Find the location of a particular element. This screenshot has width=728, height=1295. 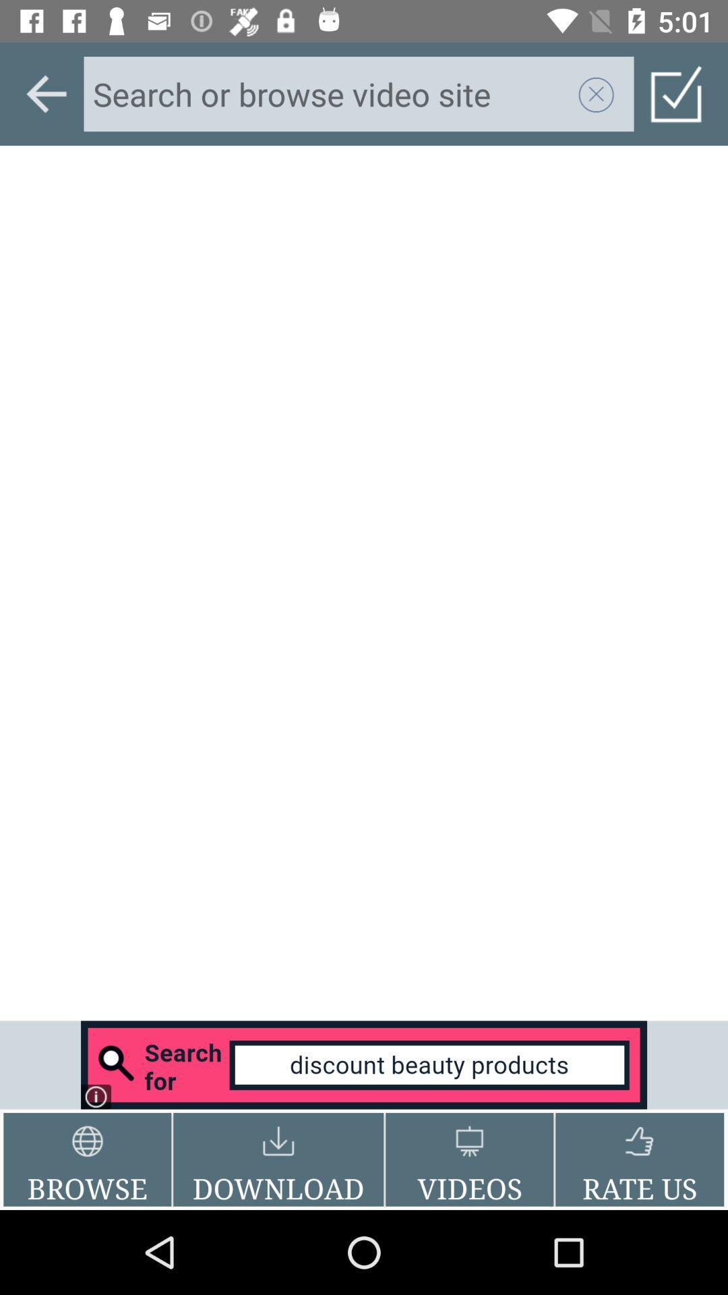

icon next to the download item is located at coordinates (87, 1159).